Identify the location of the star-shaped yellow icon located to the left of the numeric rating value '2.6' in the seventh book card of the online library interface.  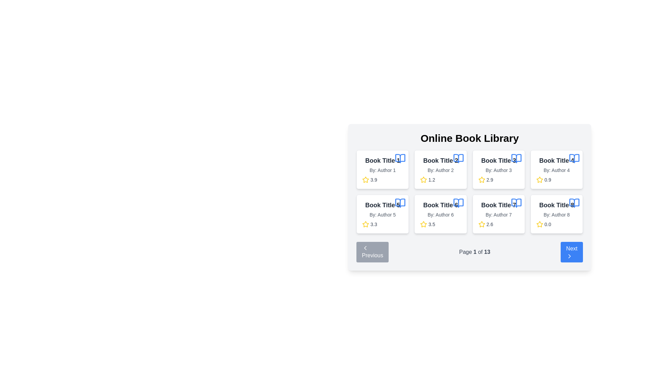
(481, 224).